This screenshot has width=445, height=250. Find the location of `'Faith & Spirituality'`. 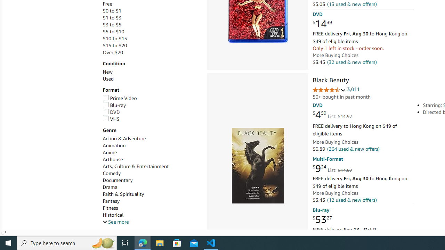

'Faith & Spirituality' is located at coordinates (151, 194).